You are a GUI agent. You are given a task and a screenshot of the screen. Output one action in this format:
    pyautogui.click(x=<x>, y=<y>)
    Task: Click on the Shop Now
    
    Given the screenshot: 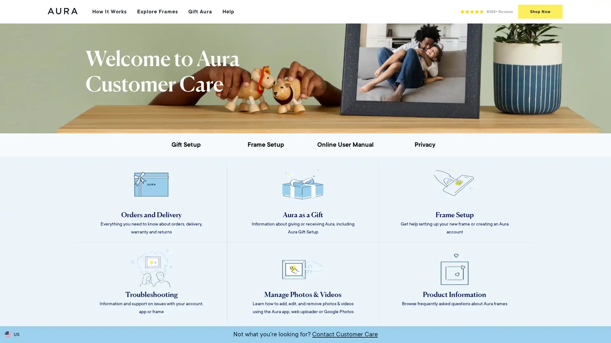 What is the action you would take?
    pyautogui.click(x=540, y=12)
    